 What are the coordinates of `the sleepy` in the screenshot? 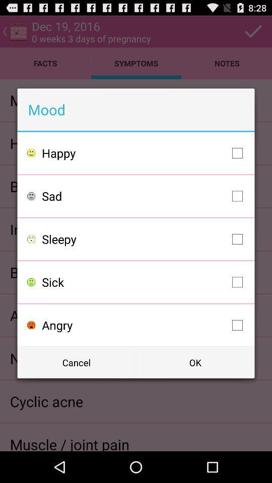 It's located at (144, 239).